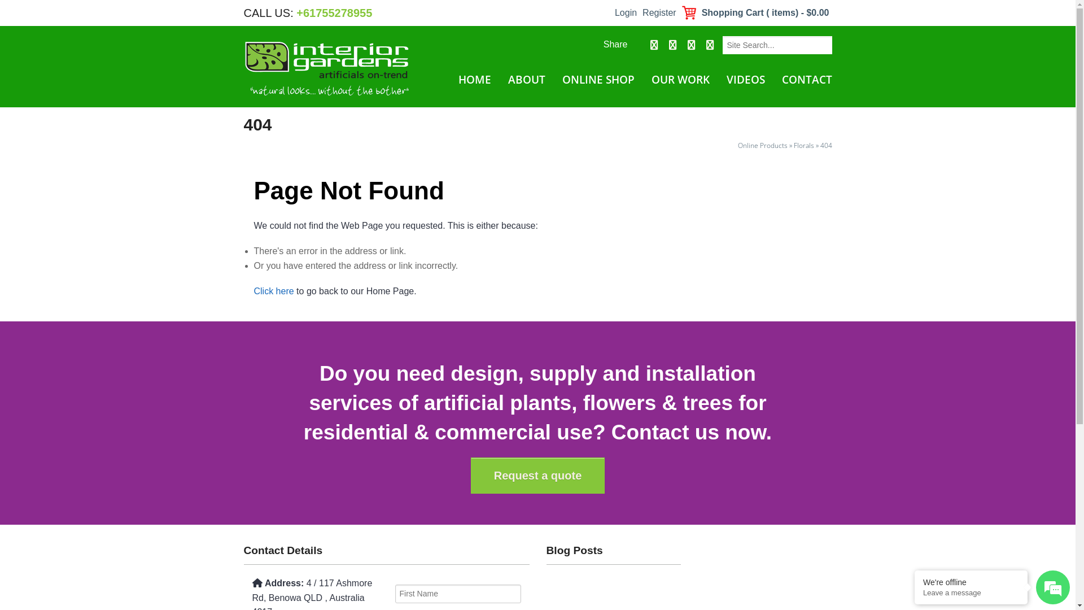  Describe the element at coordinates (471, 475) in the screenshot. I see `'Request a quote'` at that location.